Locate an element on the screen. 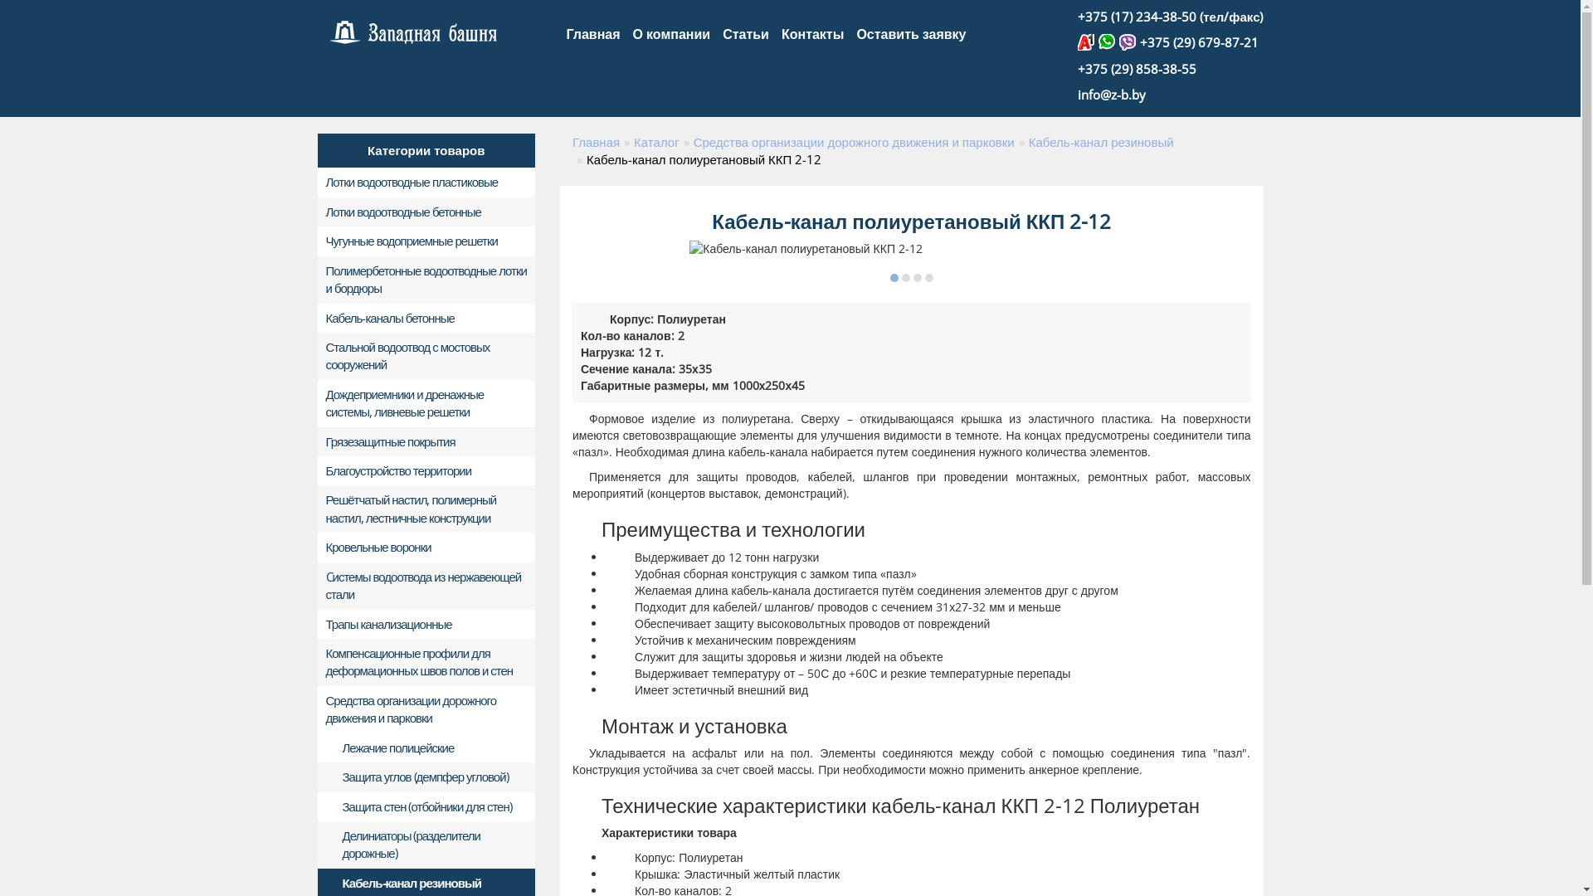  'viber' is located at coordinates (1128, 41).